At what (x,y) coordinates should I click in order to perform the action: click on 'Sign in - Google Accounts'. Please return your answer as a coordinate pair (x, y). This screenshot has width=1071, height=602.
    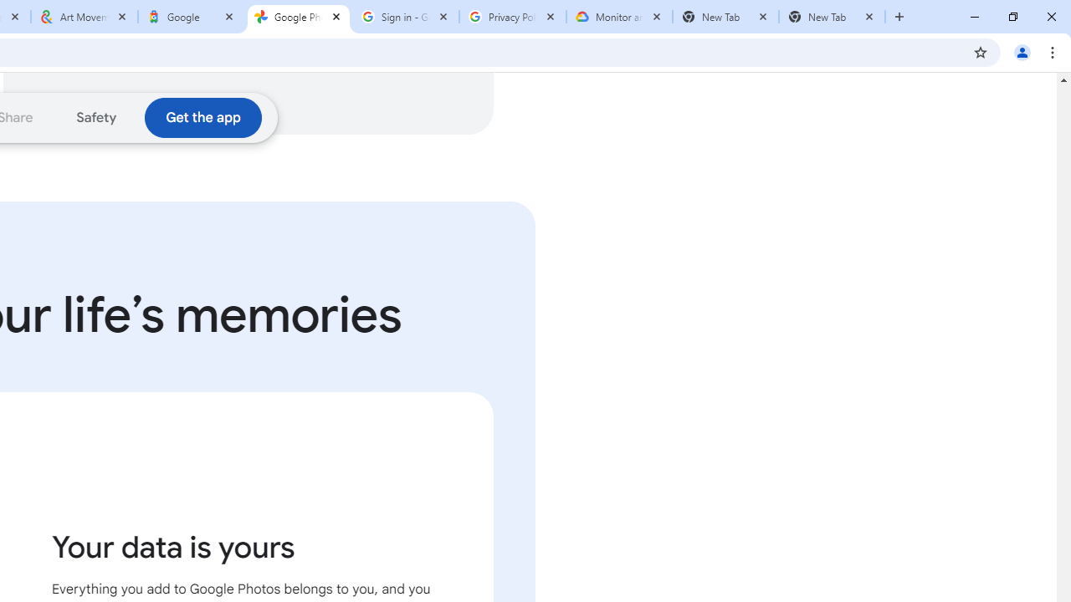
    Looking at the image, I should click on (406, 17).